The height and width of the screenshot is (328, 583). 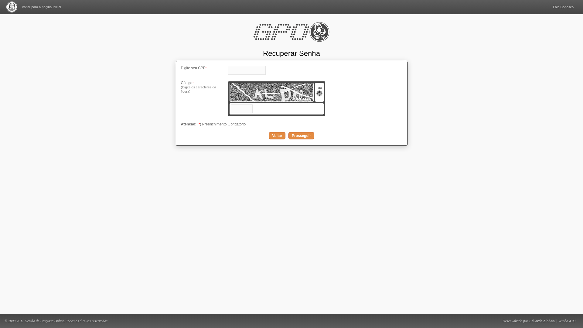 I want to click on 'Eduardo Zinhani', so click(x=542, y=320).